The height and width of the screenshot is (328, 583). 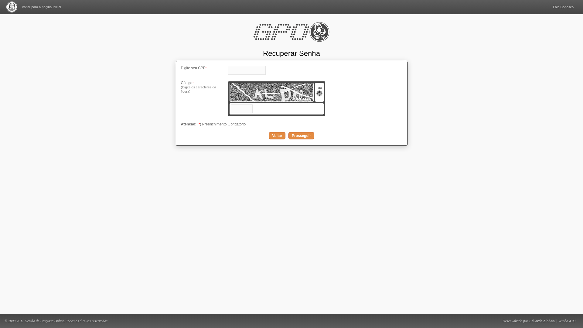 I want to click on 'Eduardo Zinhani', so click(x=542, y=320).